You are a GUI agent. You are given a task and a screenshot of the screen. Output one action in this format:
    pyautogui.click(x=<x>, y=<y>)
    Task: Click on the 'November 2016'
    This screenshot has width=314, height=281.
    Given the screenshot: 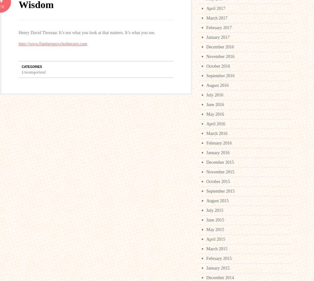 What is the action you would take?
    pyautogui.click(x=220, y=56)
    